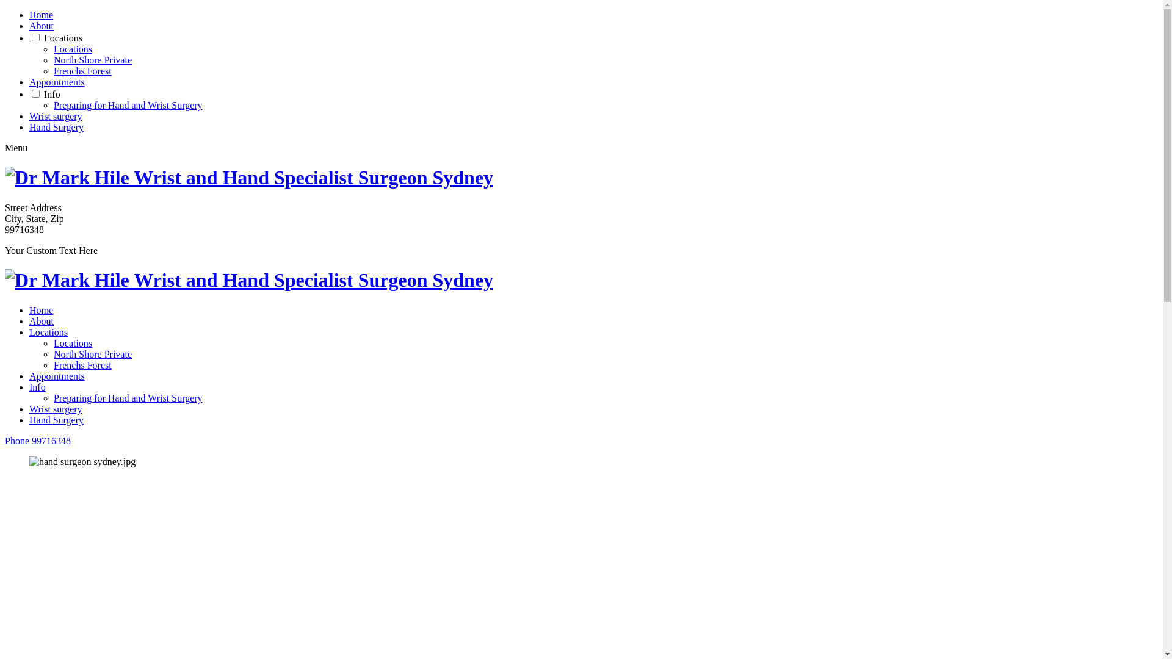 Image resolution: width=1172 pixels, height=659 pixels. I want to click on 'North Shore Private', so click(92, 60).